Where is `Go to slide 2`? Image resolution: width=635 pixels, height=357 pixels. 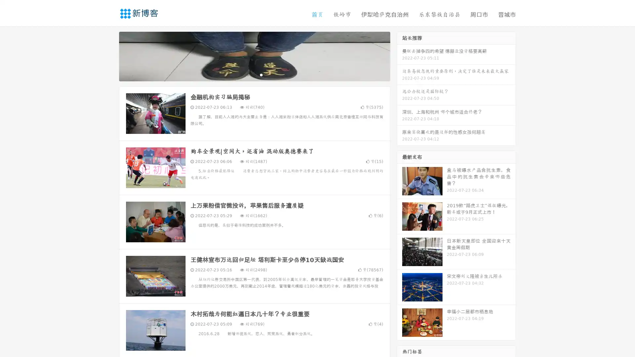
Go to slide 2 is located at coordinates (254, 74).